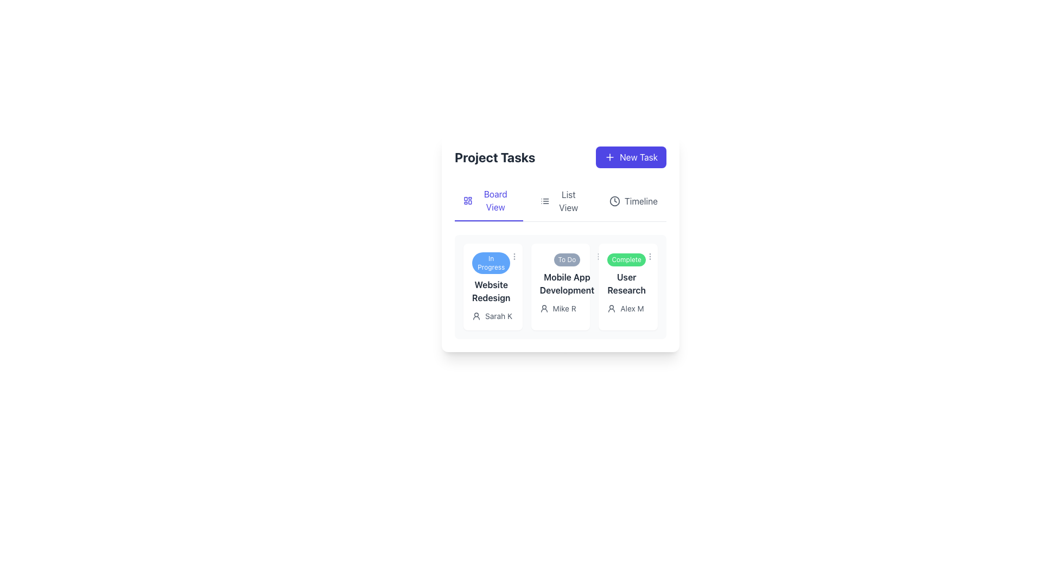 The width and height of the screenshot is (1042, 586). I want to click on the user icon that depicts a generic head and shoulders silhouette, which is the leftmost element in the 'User Research' card group containing the text 'Alex M', so click(612, 309).